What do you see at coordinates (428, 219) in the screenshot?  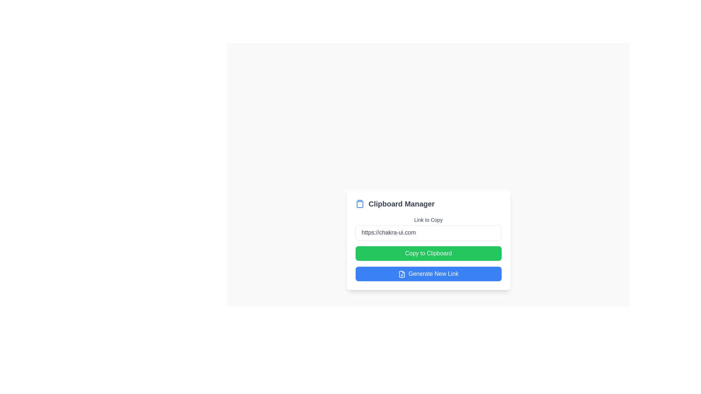 I see `the static text label displaying 'Link to Copy' which is styled in gray and positioned above the input field containing the link` at bounding box center [428, 219].